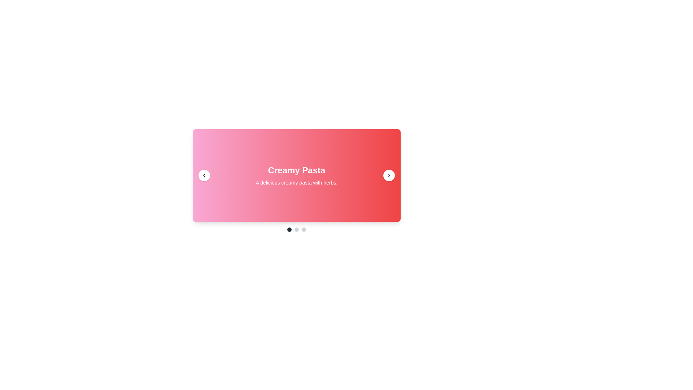 This screenshot has width=693, height=390. What do you see at coordinates (296, 182) in the screenshot?
I see `the text block displaying 'A delicious creamy pasta with herbs.' located below the title 'Creamy Pasta' in a red-gradient background` at bounding box center [296, 182].